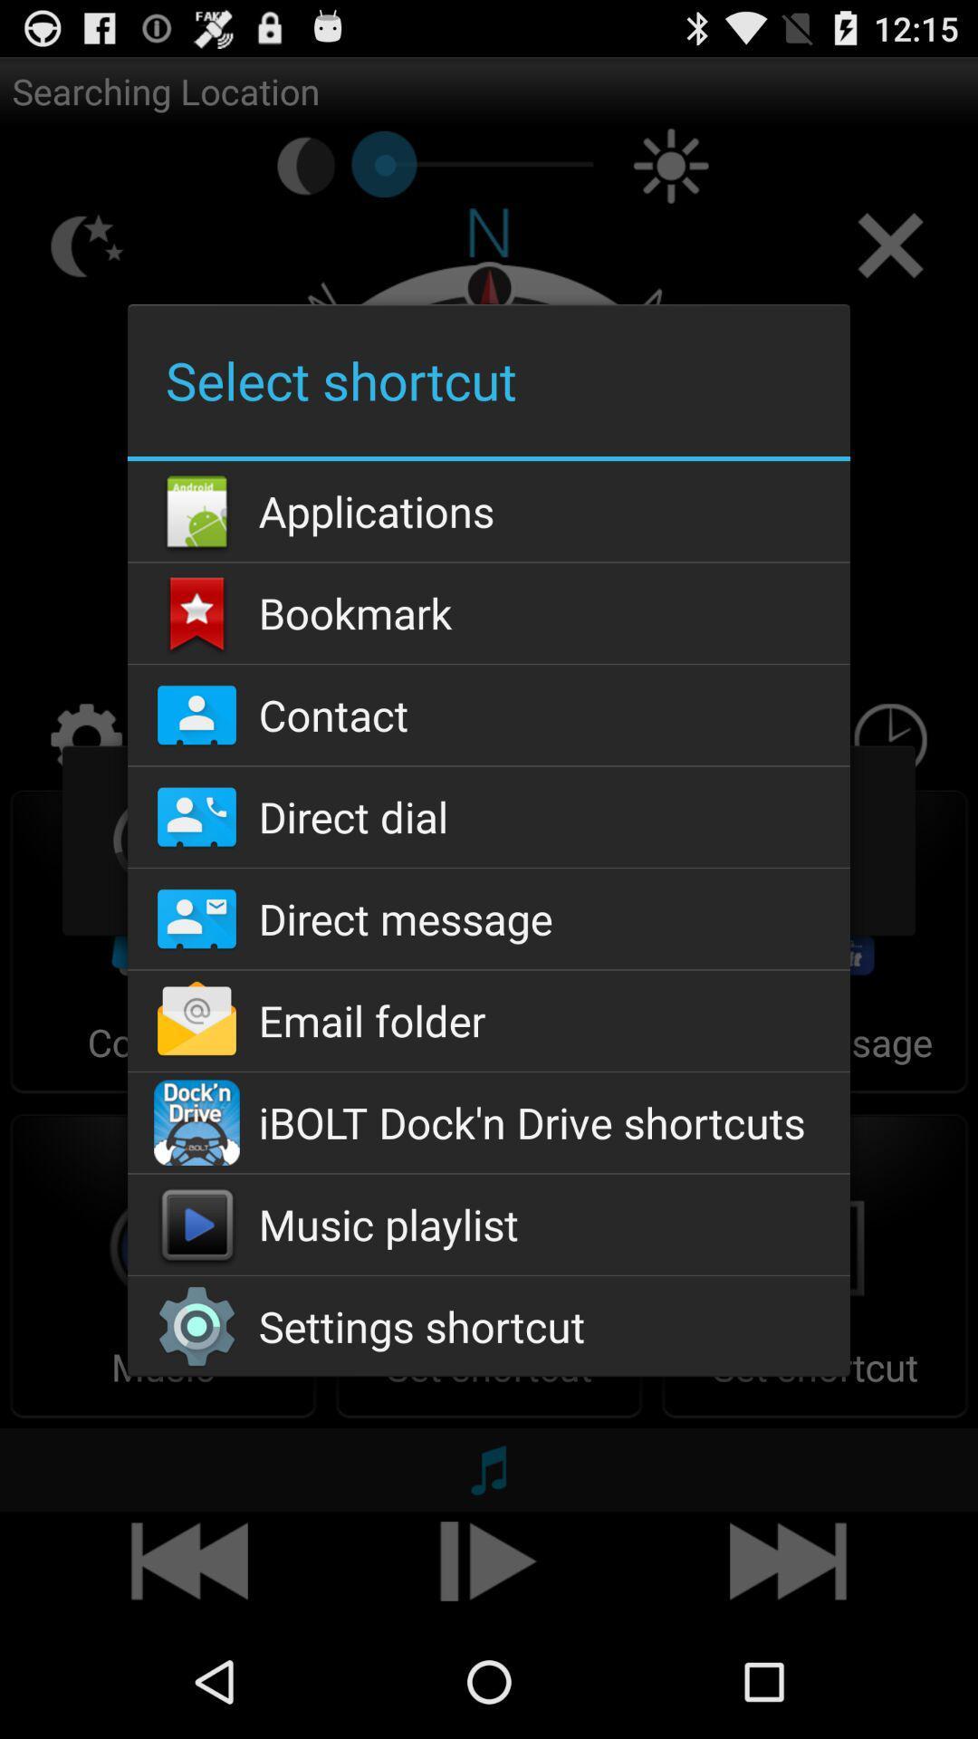 The image size is (978, 1739). I want to click on the app below email folder, so click(489, 1121).